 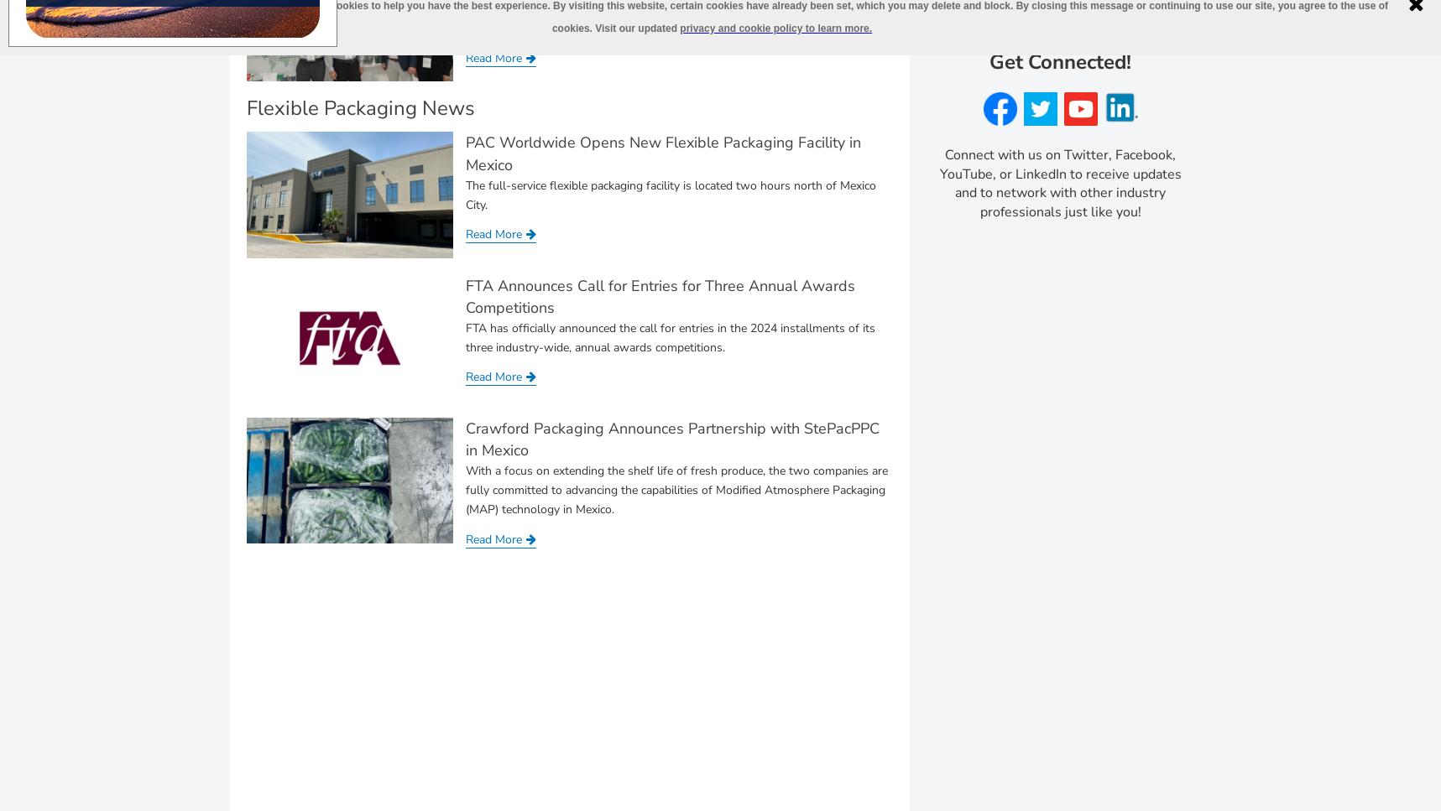 What do you see at coordinates (676, 489) in the screenshot?
I see `'With a focus on extending the shelf life of fresh produce, the two companies are fully committed to advancing the capabilities of Modified Atmosphere Packaging (MAP) technology in Mexico.'` at bounding box center [676, 489].